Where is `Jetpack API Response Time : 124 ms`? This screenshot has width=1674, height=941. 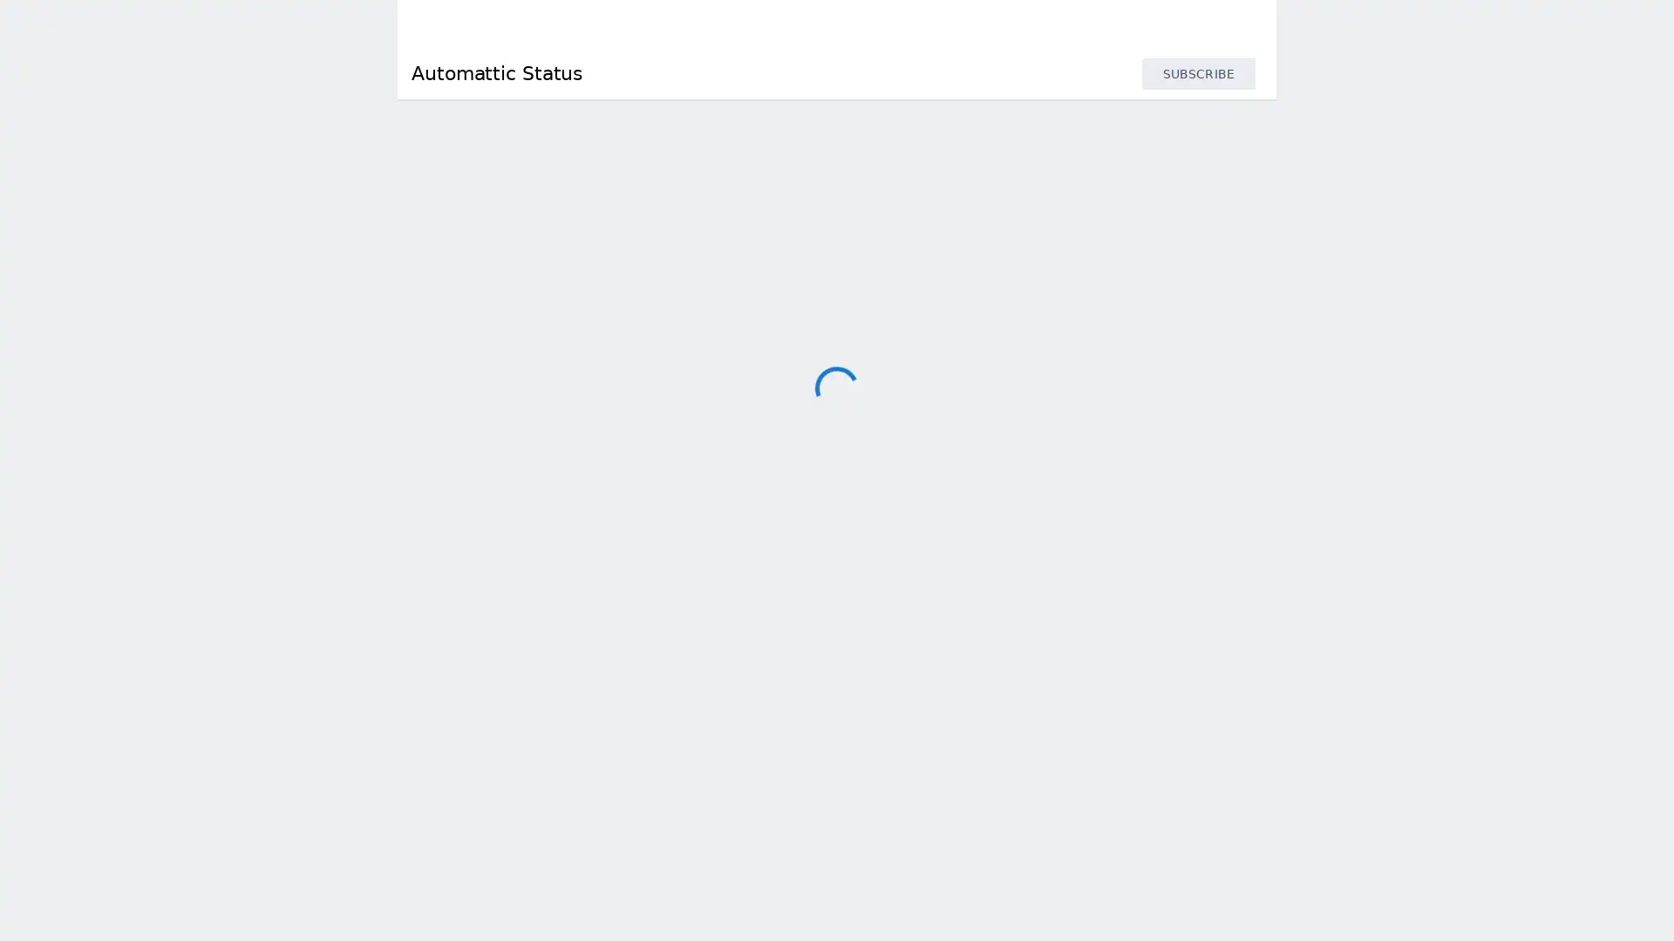
Jetpack API Response Time : 124 ms is located at coordinates (731, 547).